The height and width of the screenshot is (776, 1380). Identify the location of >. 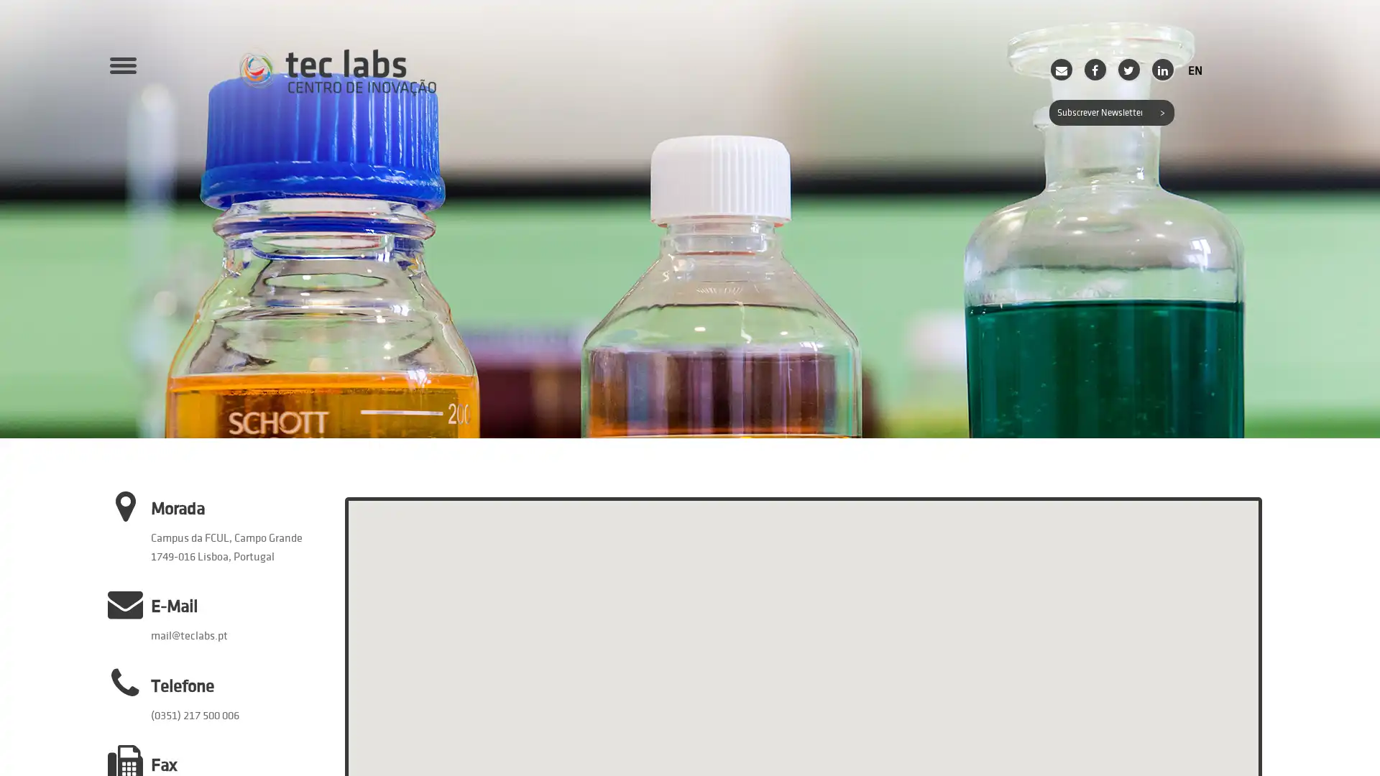
(1161, 112).